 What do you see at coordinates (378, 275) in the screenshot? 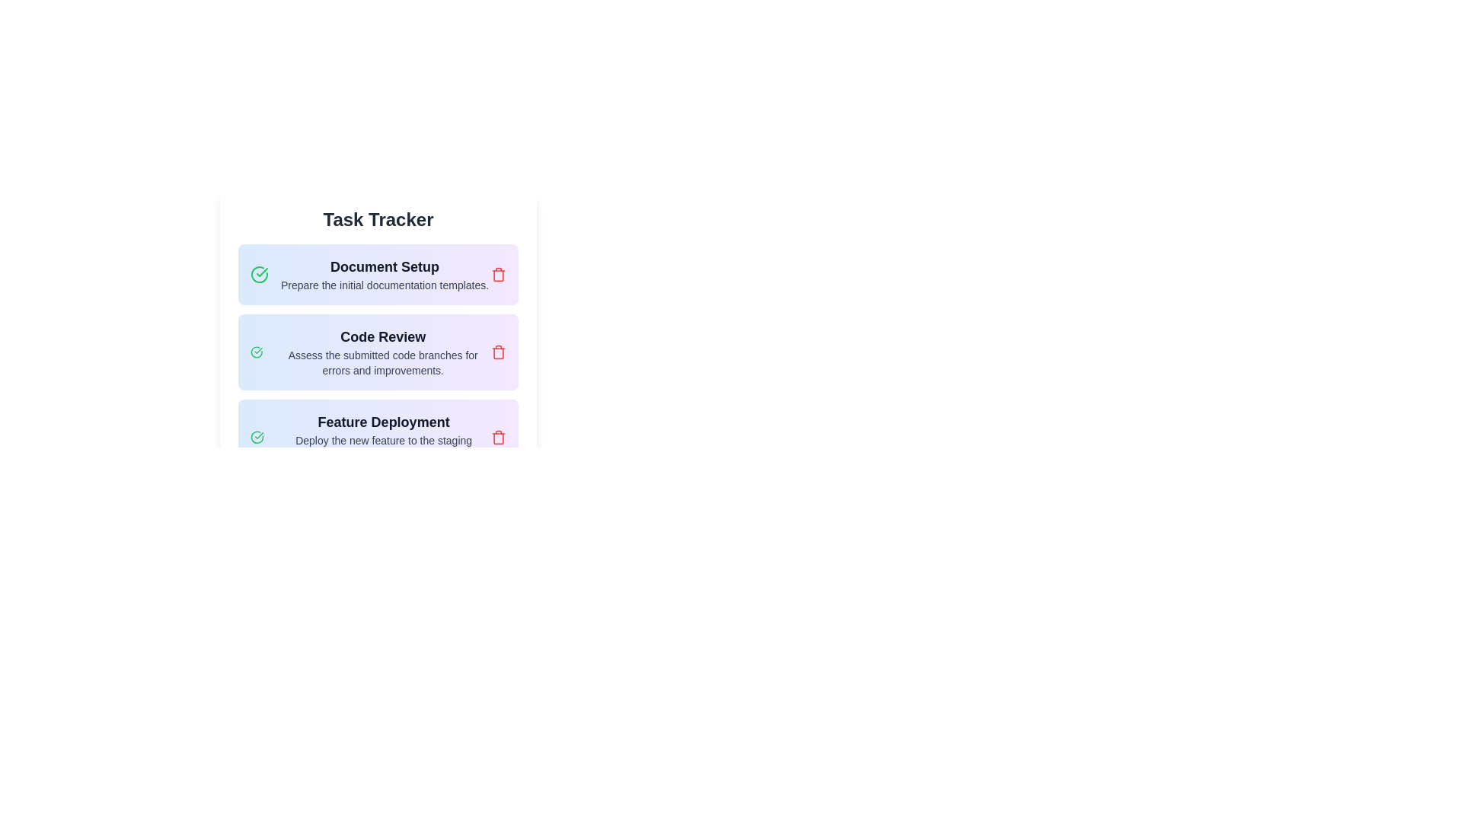
I see `the task card component labeled 'Document Setup' which is the first item in the task list under the 'Task Tracker' title` at bounding box center [378, 275].